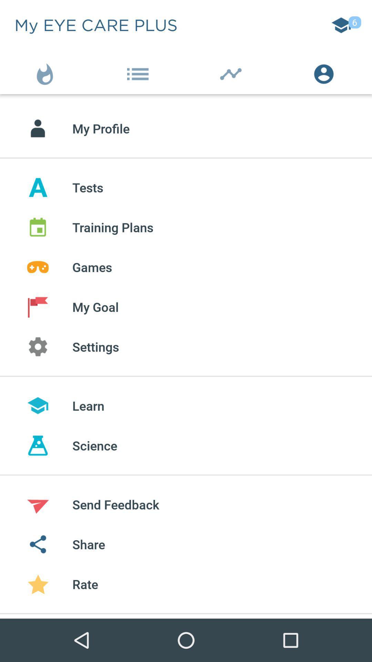 This screenshot has width=372, height=662. What do you see at coordinates (46, 72) in the screenshot?
I see `icon below my eye care item` at bounding box center [46, 72].